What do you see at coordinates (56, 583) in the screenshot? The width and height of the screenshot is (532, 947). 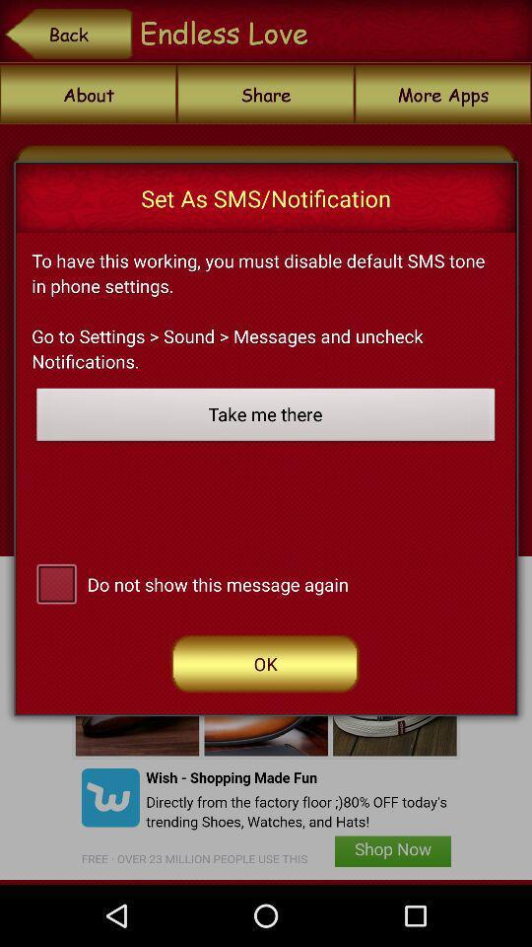 I see `do not show message again` at bounding box center [56, 583].